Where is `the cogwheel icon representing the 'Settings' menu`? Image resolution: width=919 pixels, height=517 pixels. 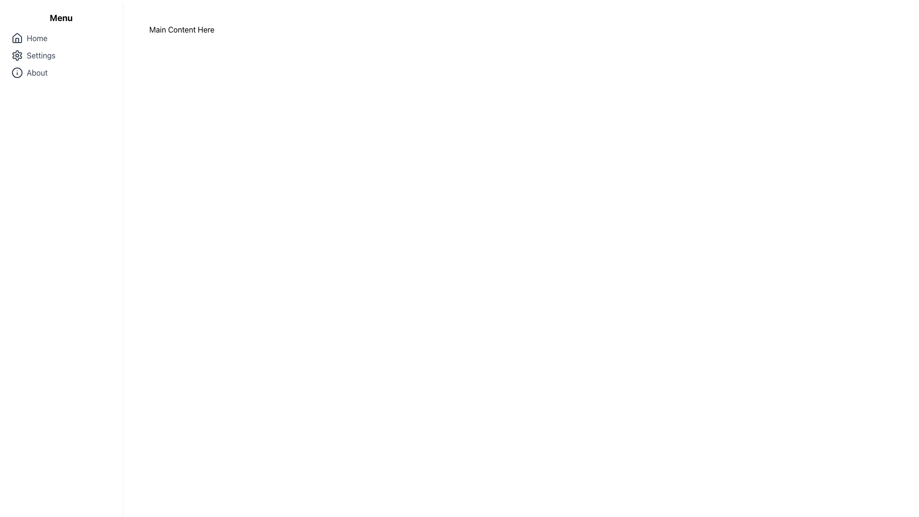
the cogwheel icon representing the 'Settings' menu is located at coordinates (17, 55).